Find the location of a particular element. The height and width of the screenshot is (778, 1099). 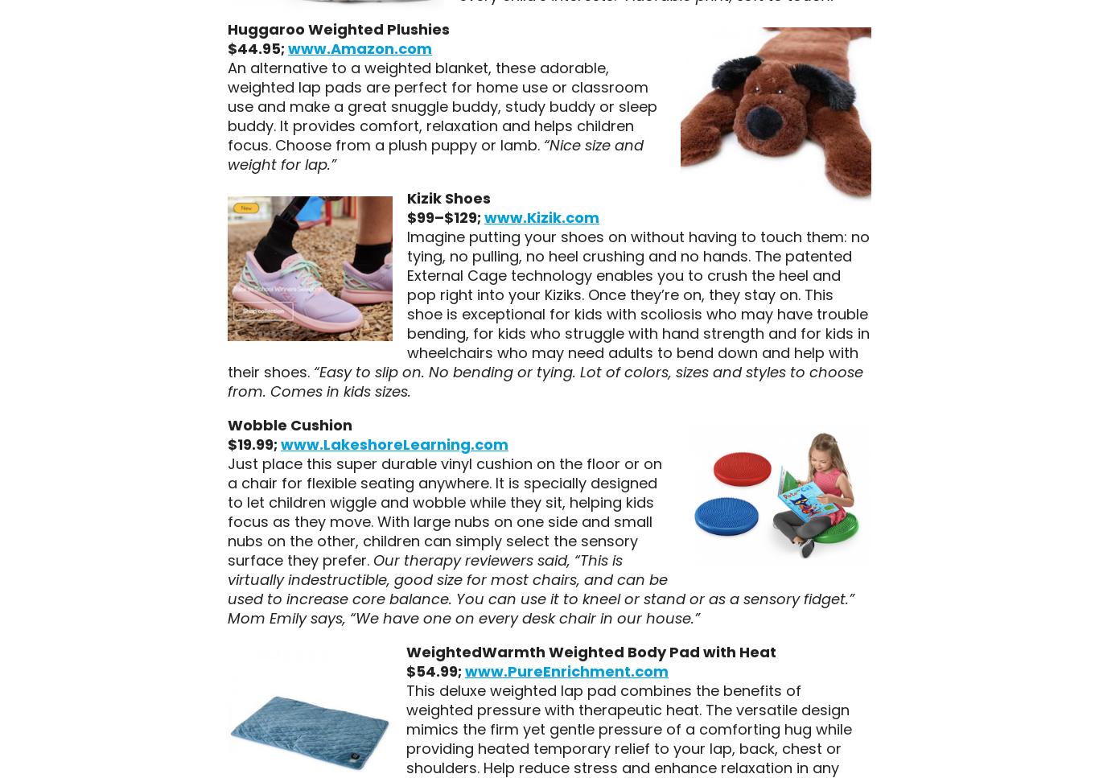

'$99–$129;' is located at coordinates (406, 216).